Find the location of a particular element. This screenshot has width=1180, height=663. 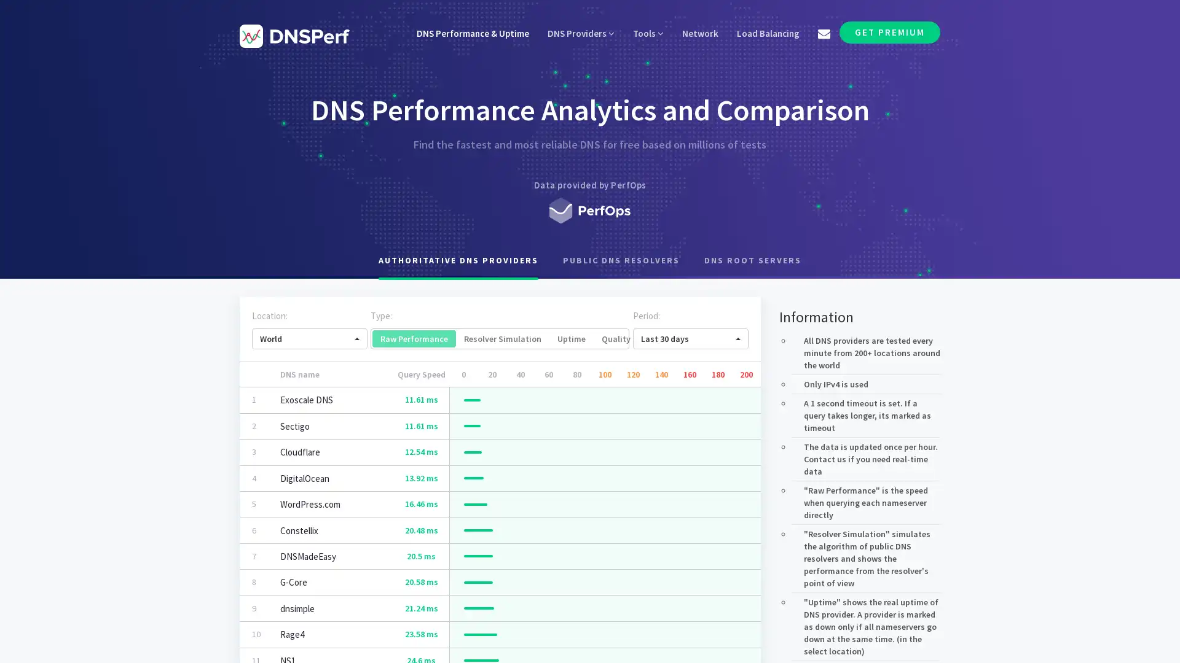

Resolver Simulation is located at coordinates (502, 338).